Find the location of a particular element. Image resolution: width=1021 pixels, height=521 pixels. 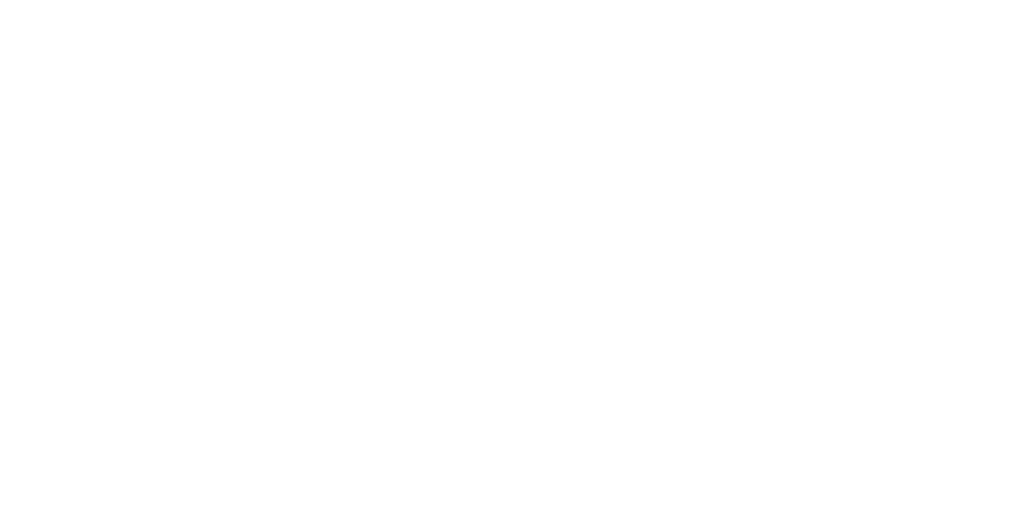

'Transaction Processing' is located at coordinates (81, 277).